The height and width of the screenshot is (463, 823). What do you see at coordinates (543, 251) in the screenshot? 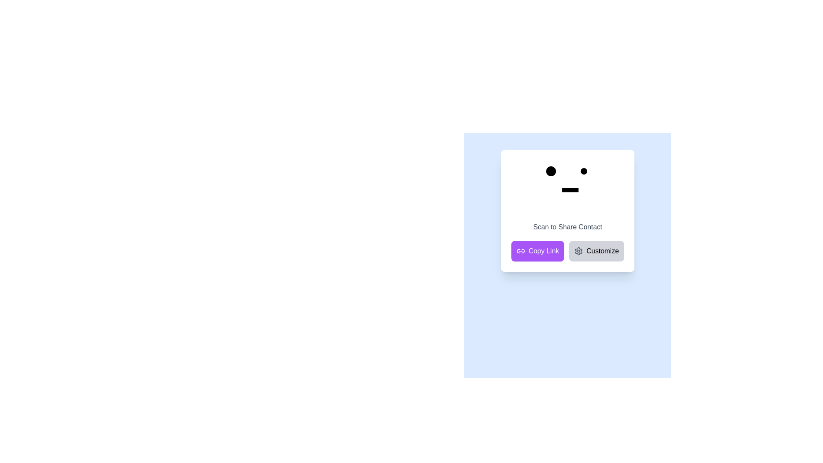
I see `the 'Copy Link' button located in the bottom left-hand corner of the card interface to copy the link` at bounding box center [543, 251].